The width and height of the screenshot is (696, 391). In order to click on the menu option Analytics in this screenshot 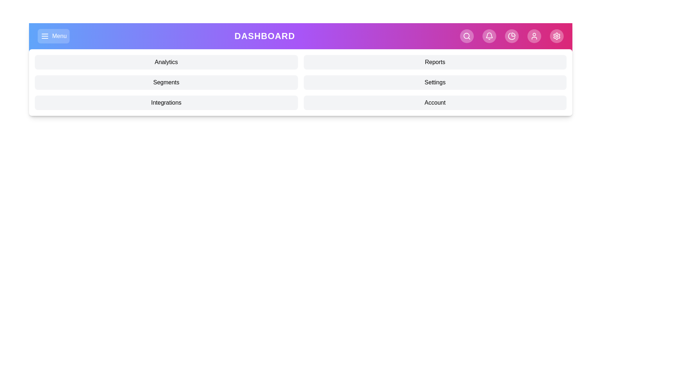, I will do `click(166, 62)`.